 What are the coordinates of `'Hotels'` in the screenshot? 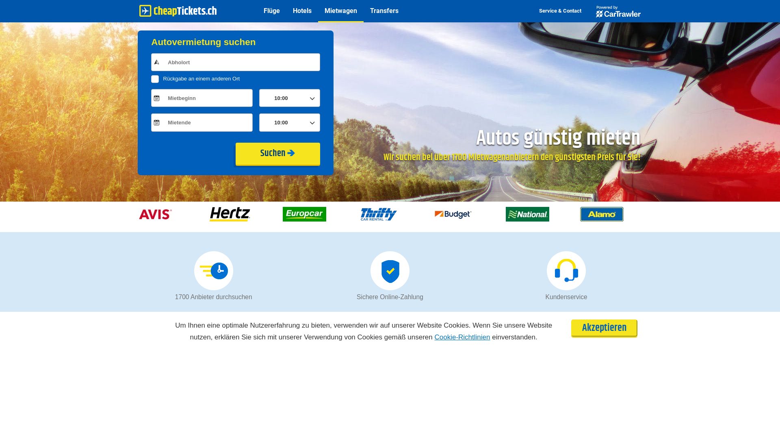 It's located at (302, 11).